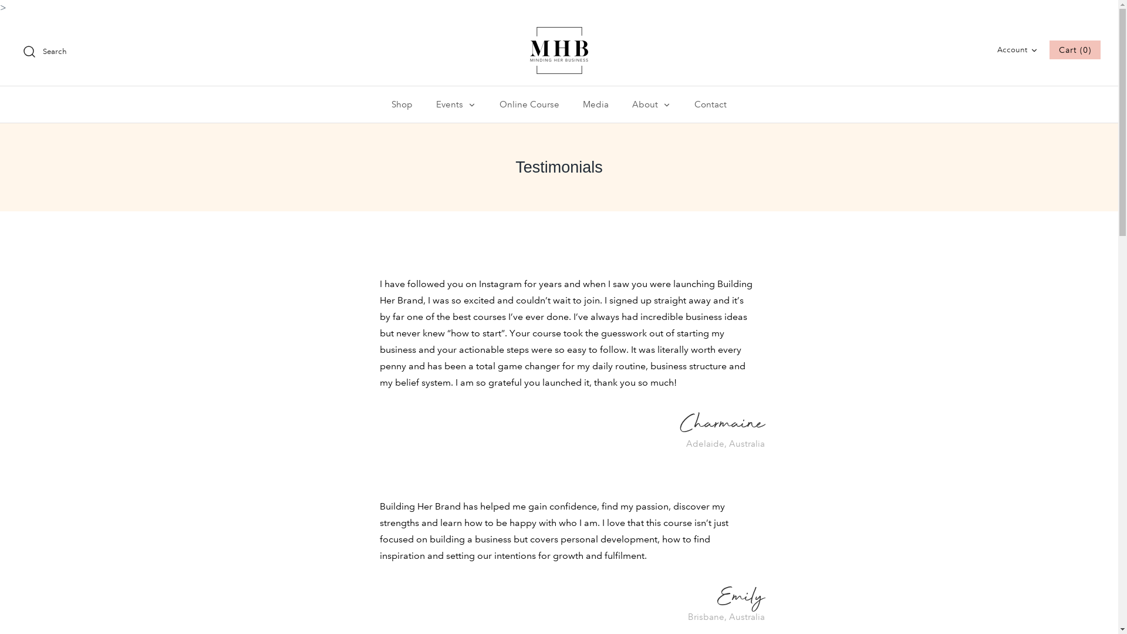 The image size is (1127, 634). Describe the element at coordinates (1075, 49) in the screenshot. I see `'Cart (0)'` at that location.